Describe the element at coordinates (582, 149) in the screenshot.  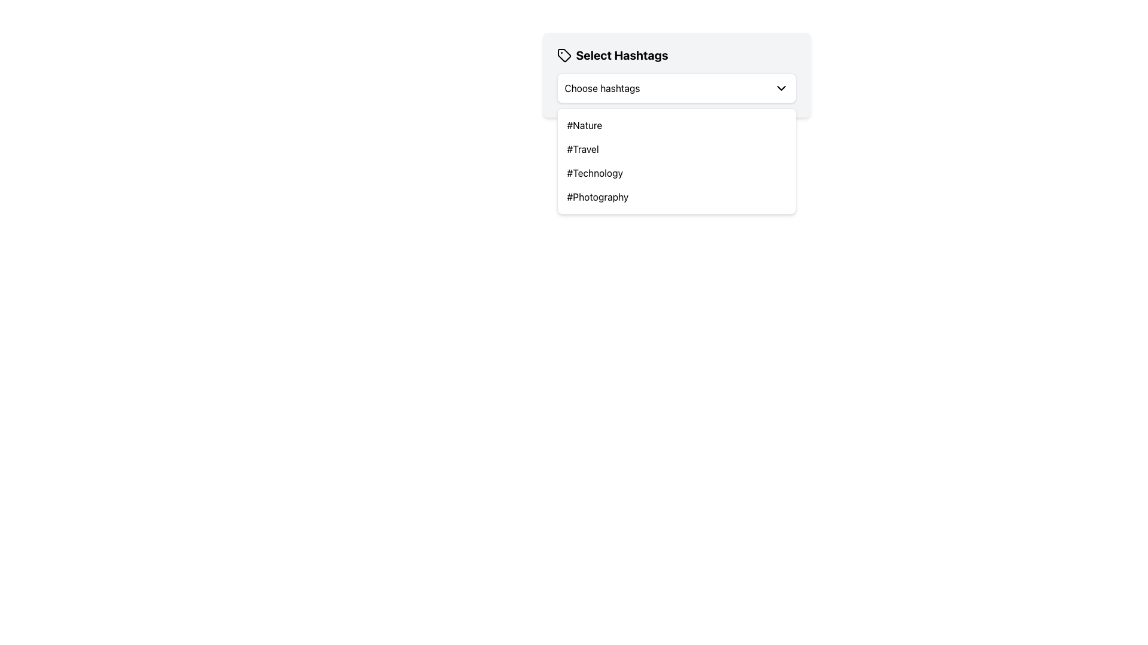
I see `the '#Travel' menu item in the dropdown menu under 'Select Hashtags'` at that location.